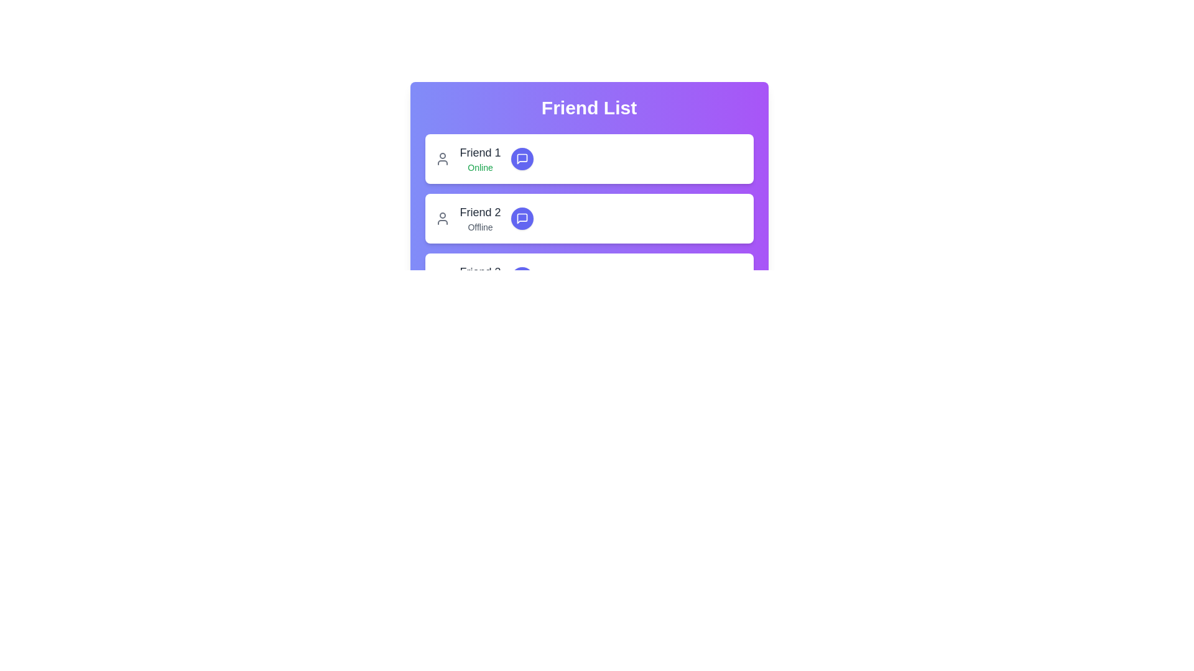 This screenshot has width=1194, height=671. I want to click on the text label displaying the current online status (Offline) of the user associated with 'Friend 2', located beneath the 'Friend 2' text in the user entries list, so click(479, 227).